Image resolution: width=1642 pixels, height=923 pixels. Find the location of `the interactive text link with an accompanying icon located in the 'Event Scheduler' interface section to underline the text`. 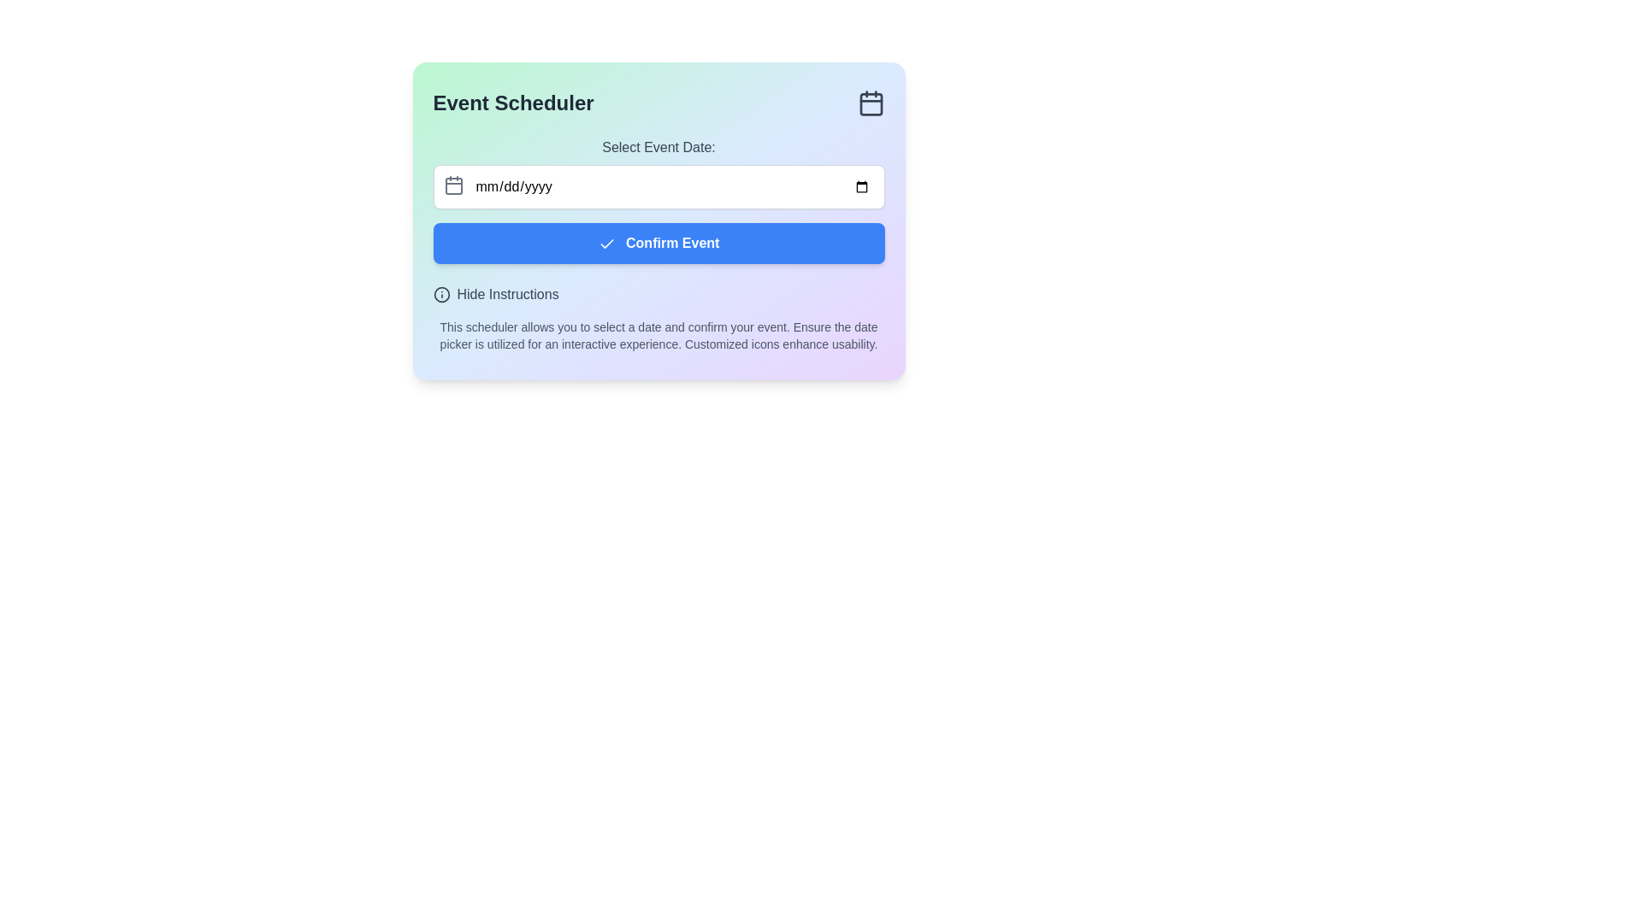

the interactive text link with an accompanying icon located in the 'Event Scheduler' interface section to underline the text is located at coordinates (495, 293).